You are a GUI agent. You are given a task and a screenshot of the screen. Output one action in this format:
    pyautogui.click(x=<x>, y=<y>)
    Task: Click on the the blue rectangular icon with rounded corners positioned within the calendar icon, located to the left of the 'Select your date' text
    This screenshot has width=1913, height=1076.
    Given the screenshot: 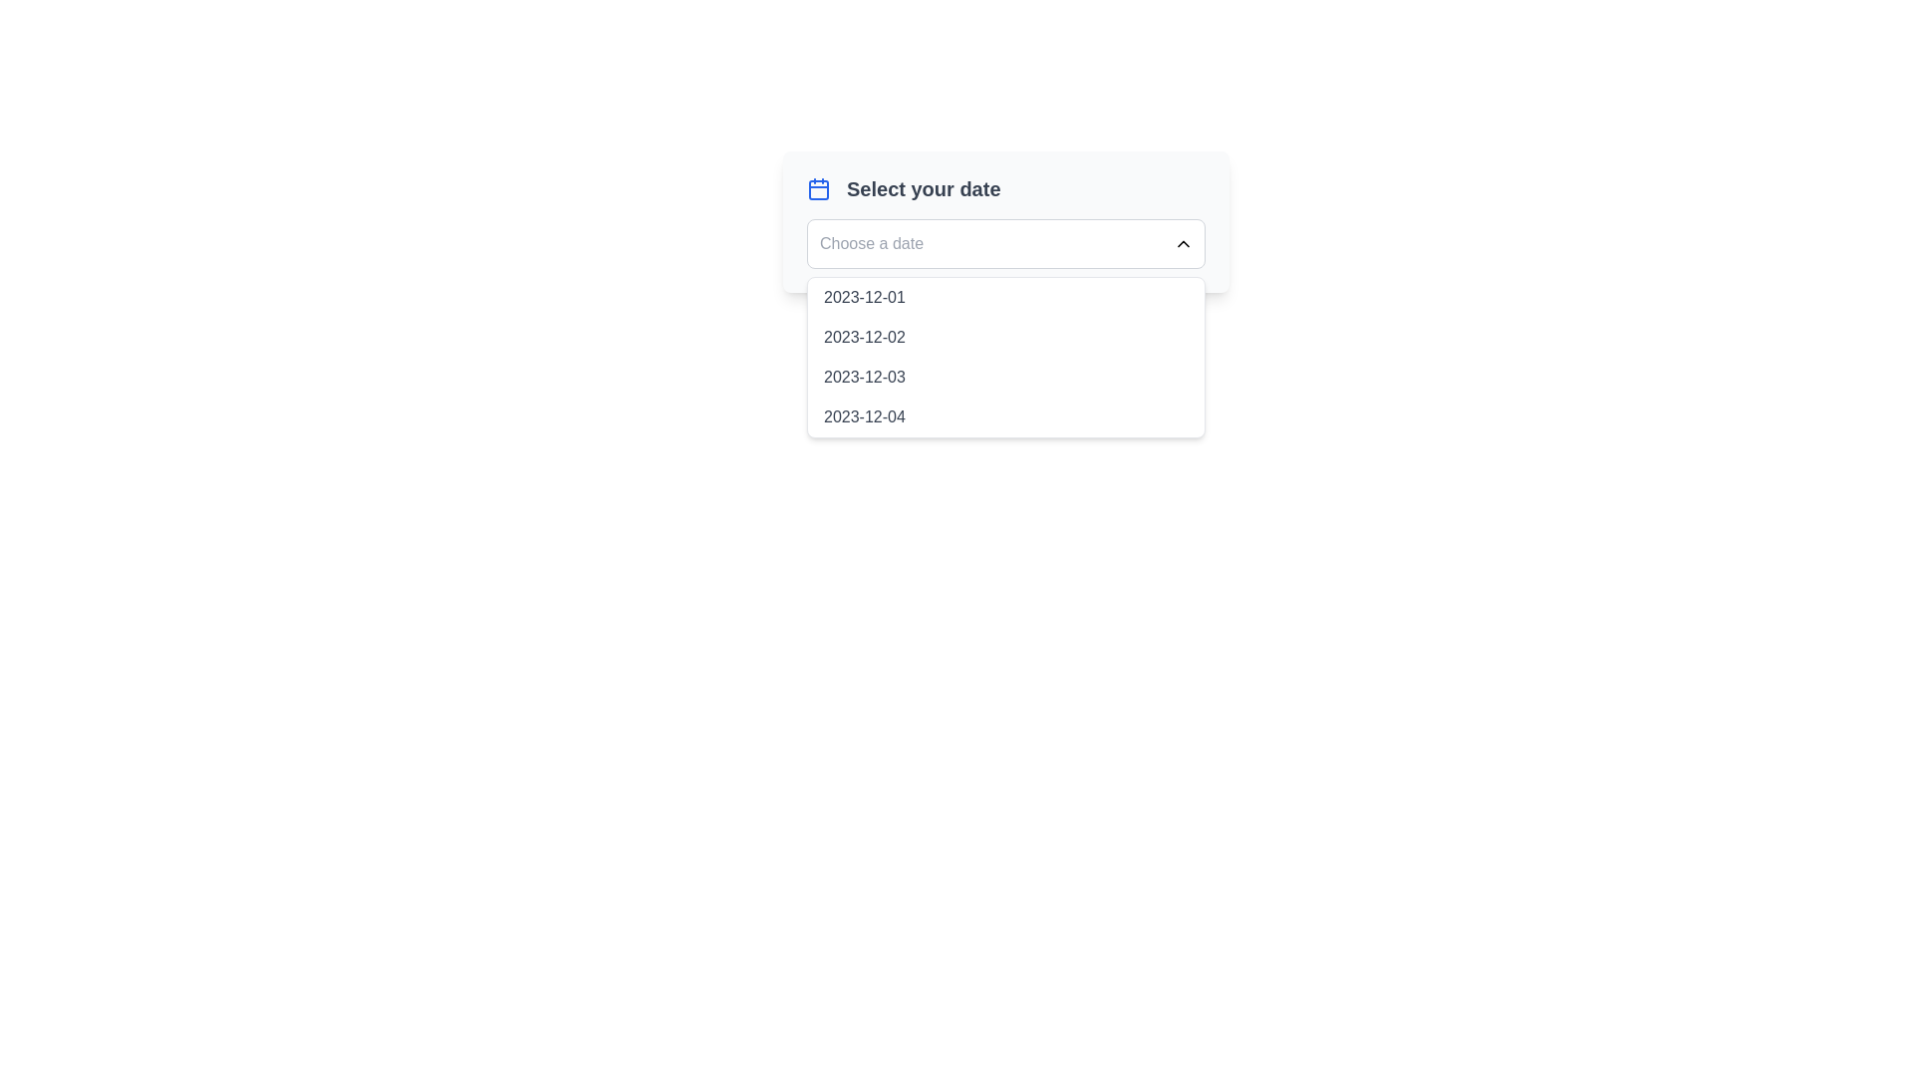 What is the action you would take?
    pyautogui.click(x=818, y=190)
    